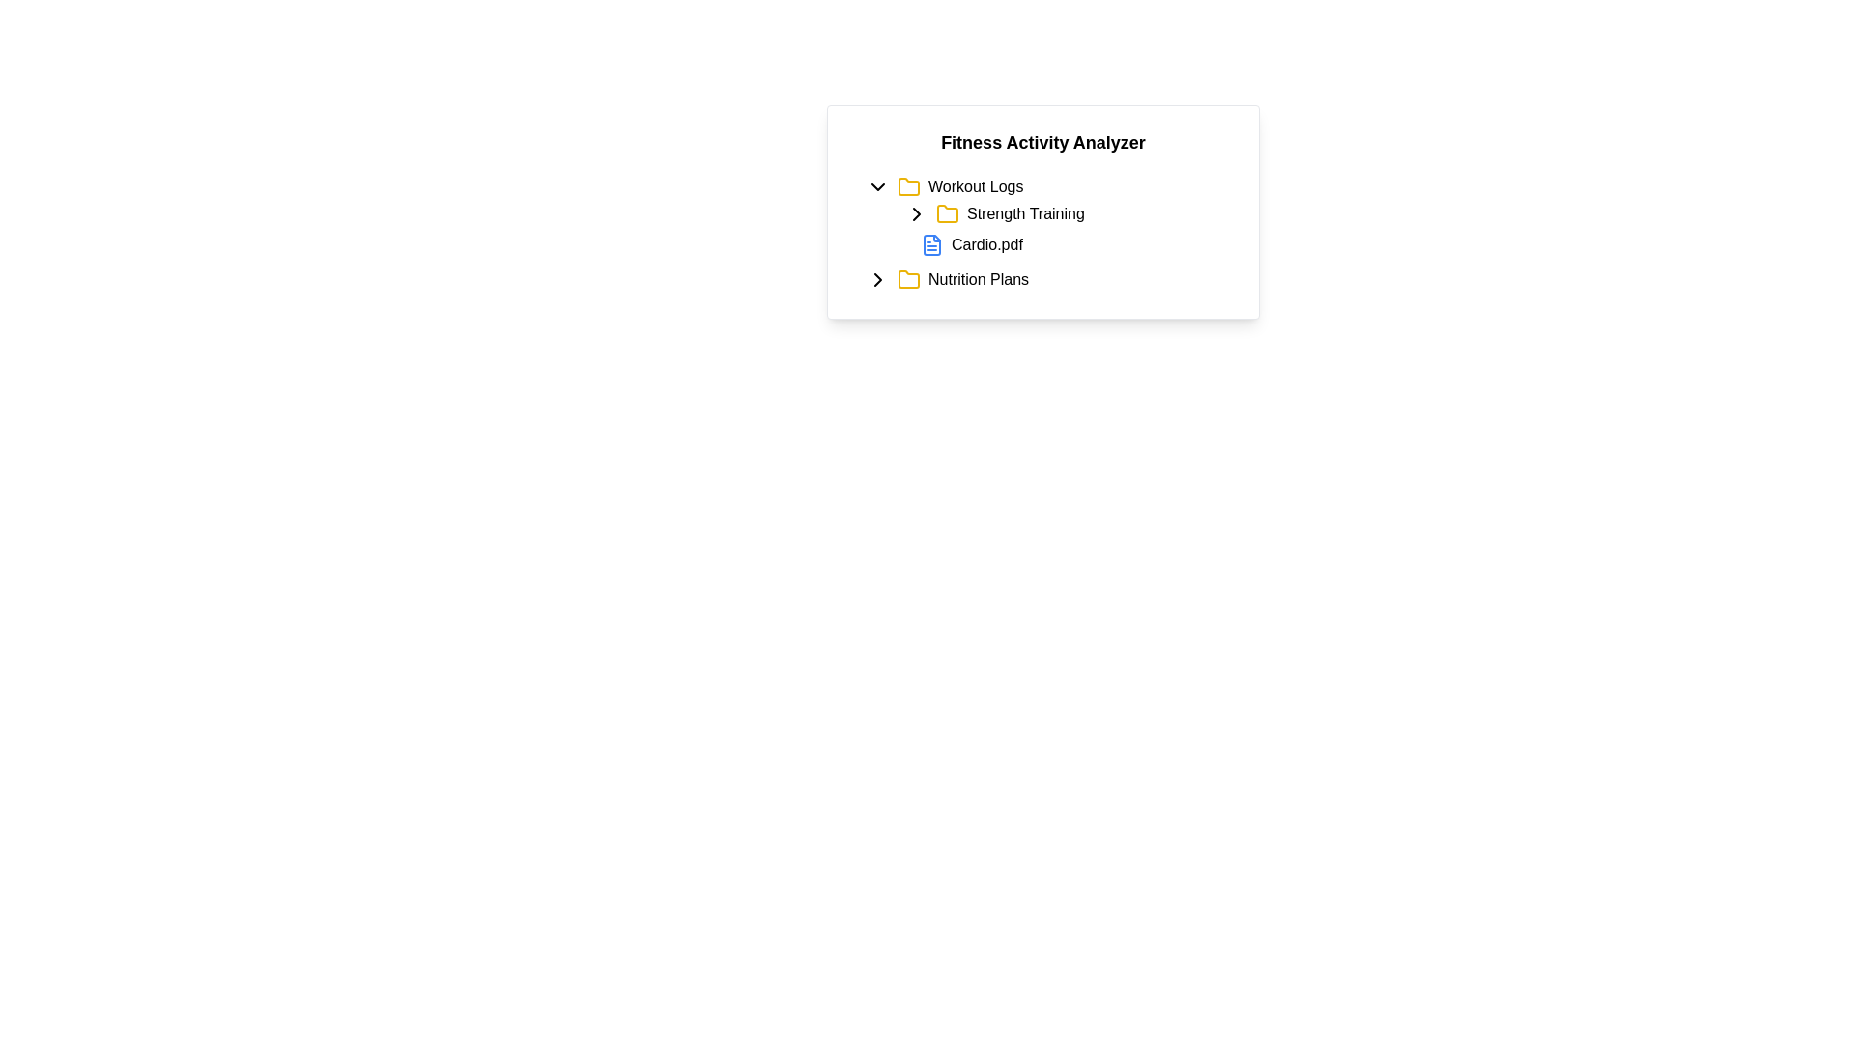  I want to click on the list item representing the document named 'Cardio.pdf' within the 'Strength Training' folder of the file explorer, so click(1061, 244).